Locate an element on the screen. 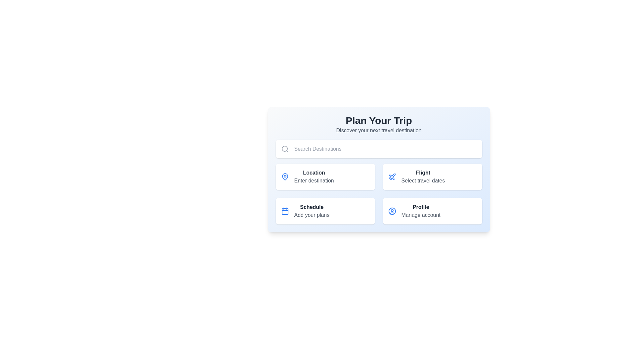  the text label providing information about the 'Schedule' feature, located directly below the 'Schedule' label in the bottom-left card of the interface is located at coordinates (311, 215).